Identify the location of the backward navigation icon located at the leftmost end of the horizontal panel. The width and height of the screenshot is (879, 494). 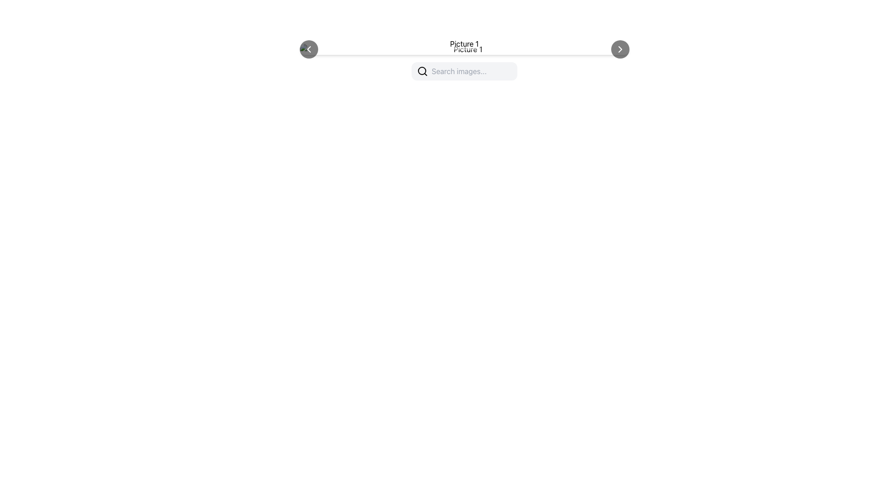
(309, 49).